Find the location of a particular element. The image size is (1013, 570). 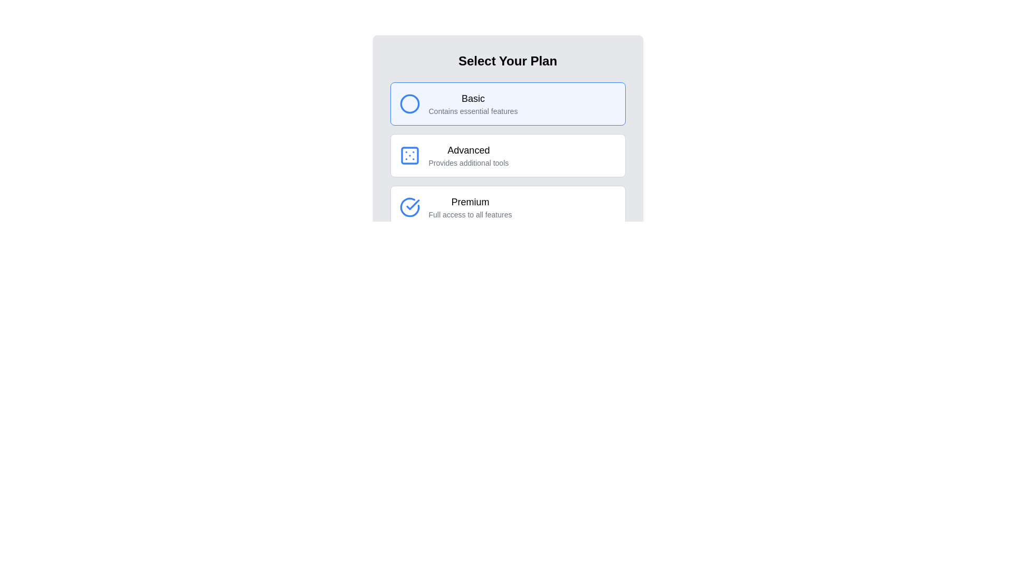

text label that states 'Contains essential features', which is styled in gray and located below the larger heading 'Basic' is located at coordinates (473, 111).